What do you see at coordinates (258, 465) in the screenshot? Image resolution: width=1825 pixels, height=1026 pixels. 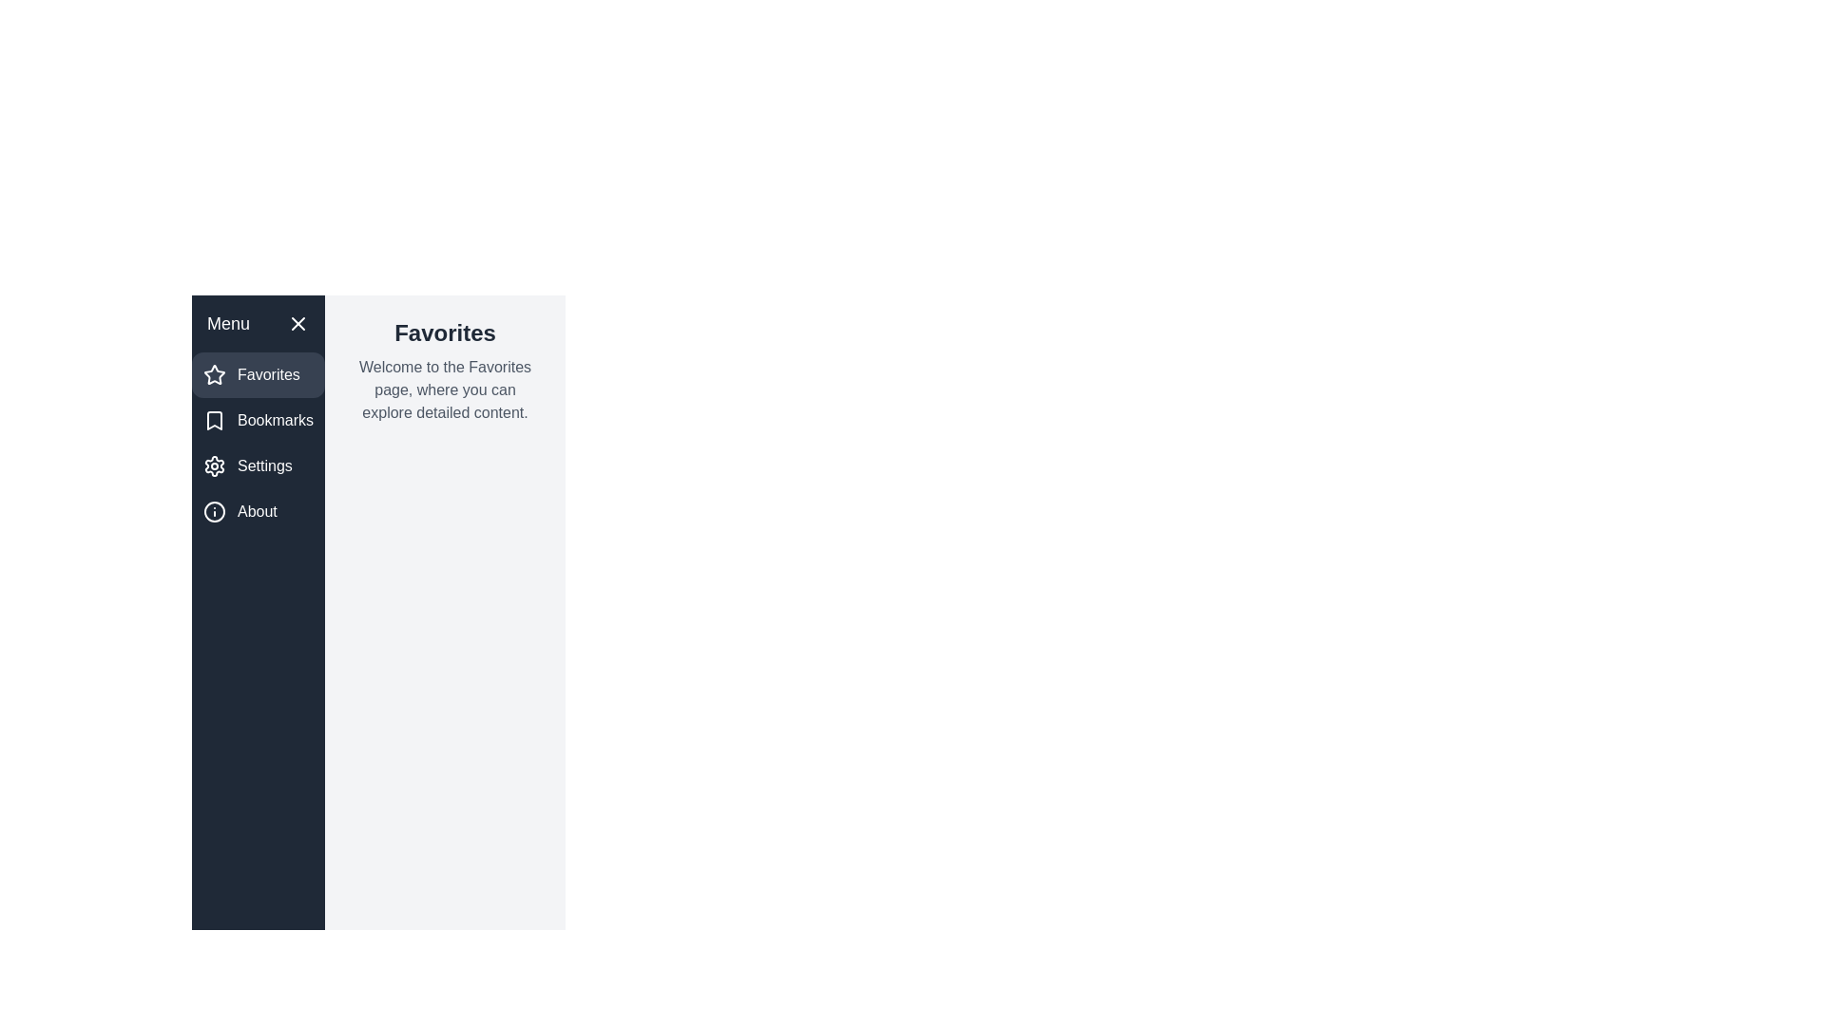 I see `the 'Settings' button, which is the fourth navigation item` at bounding box center [258, 465].